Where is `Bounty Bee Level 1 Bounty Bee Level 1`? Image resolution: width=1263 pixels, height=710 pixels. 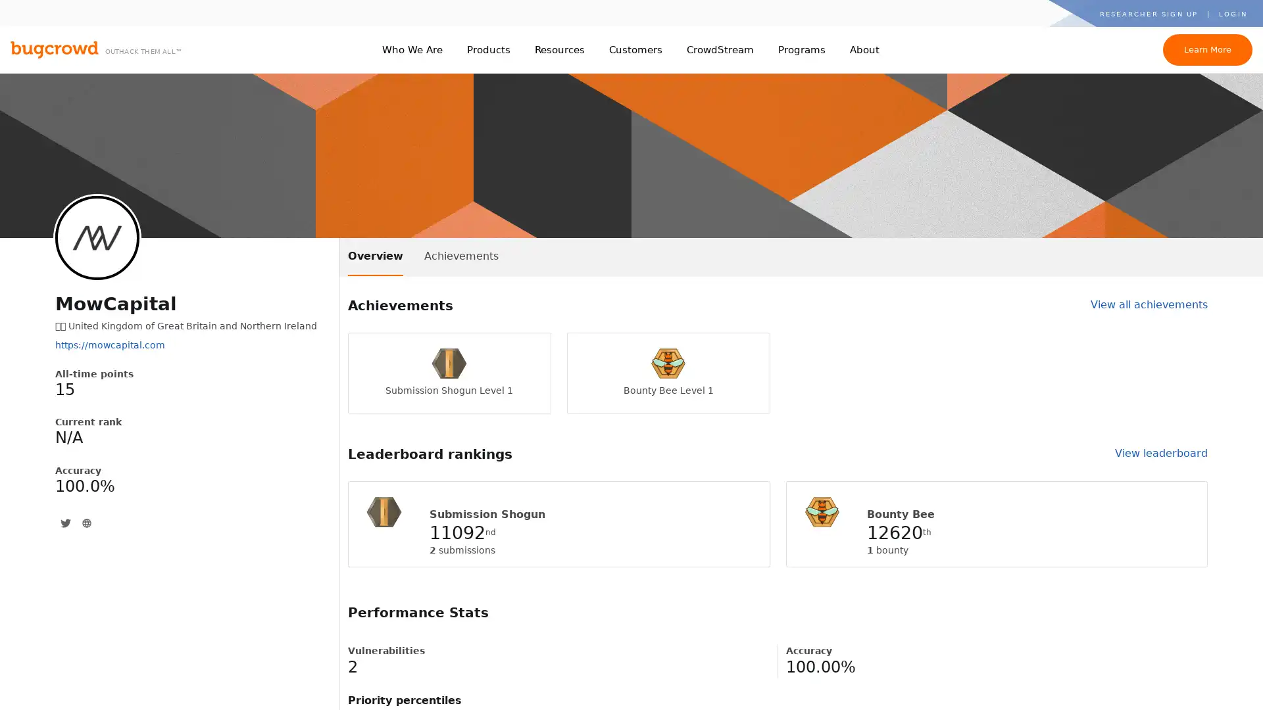
Bounty Bee Level 1 Bounty Bee Level 1 is located at coordinates (668, 373).